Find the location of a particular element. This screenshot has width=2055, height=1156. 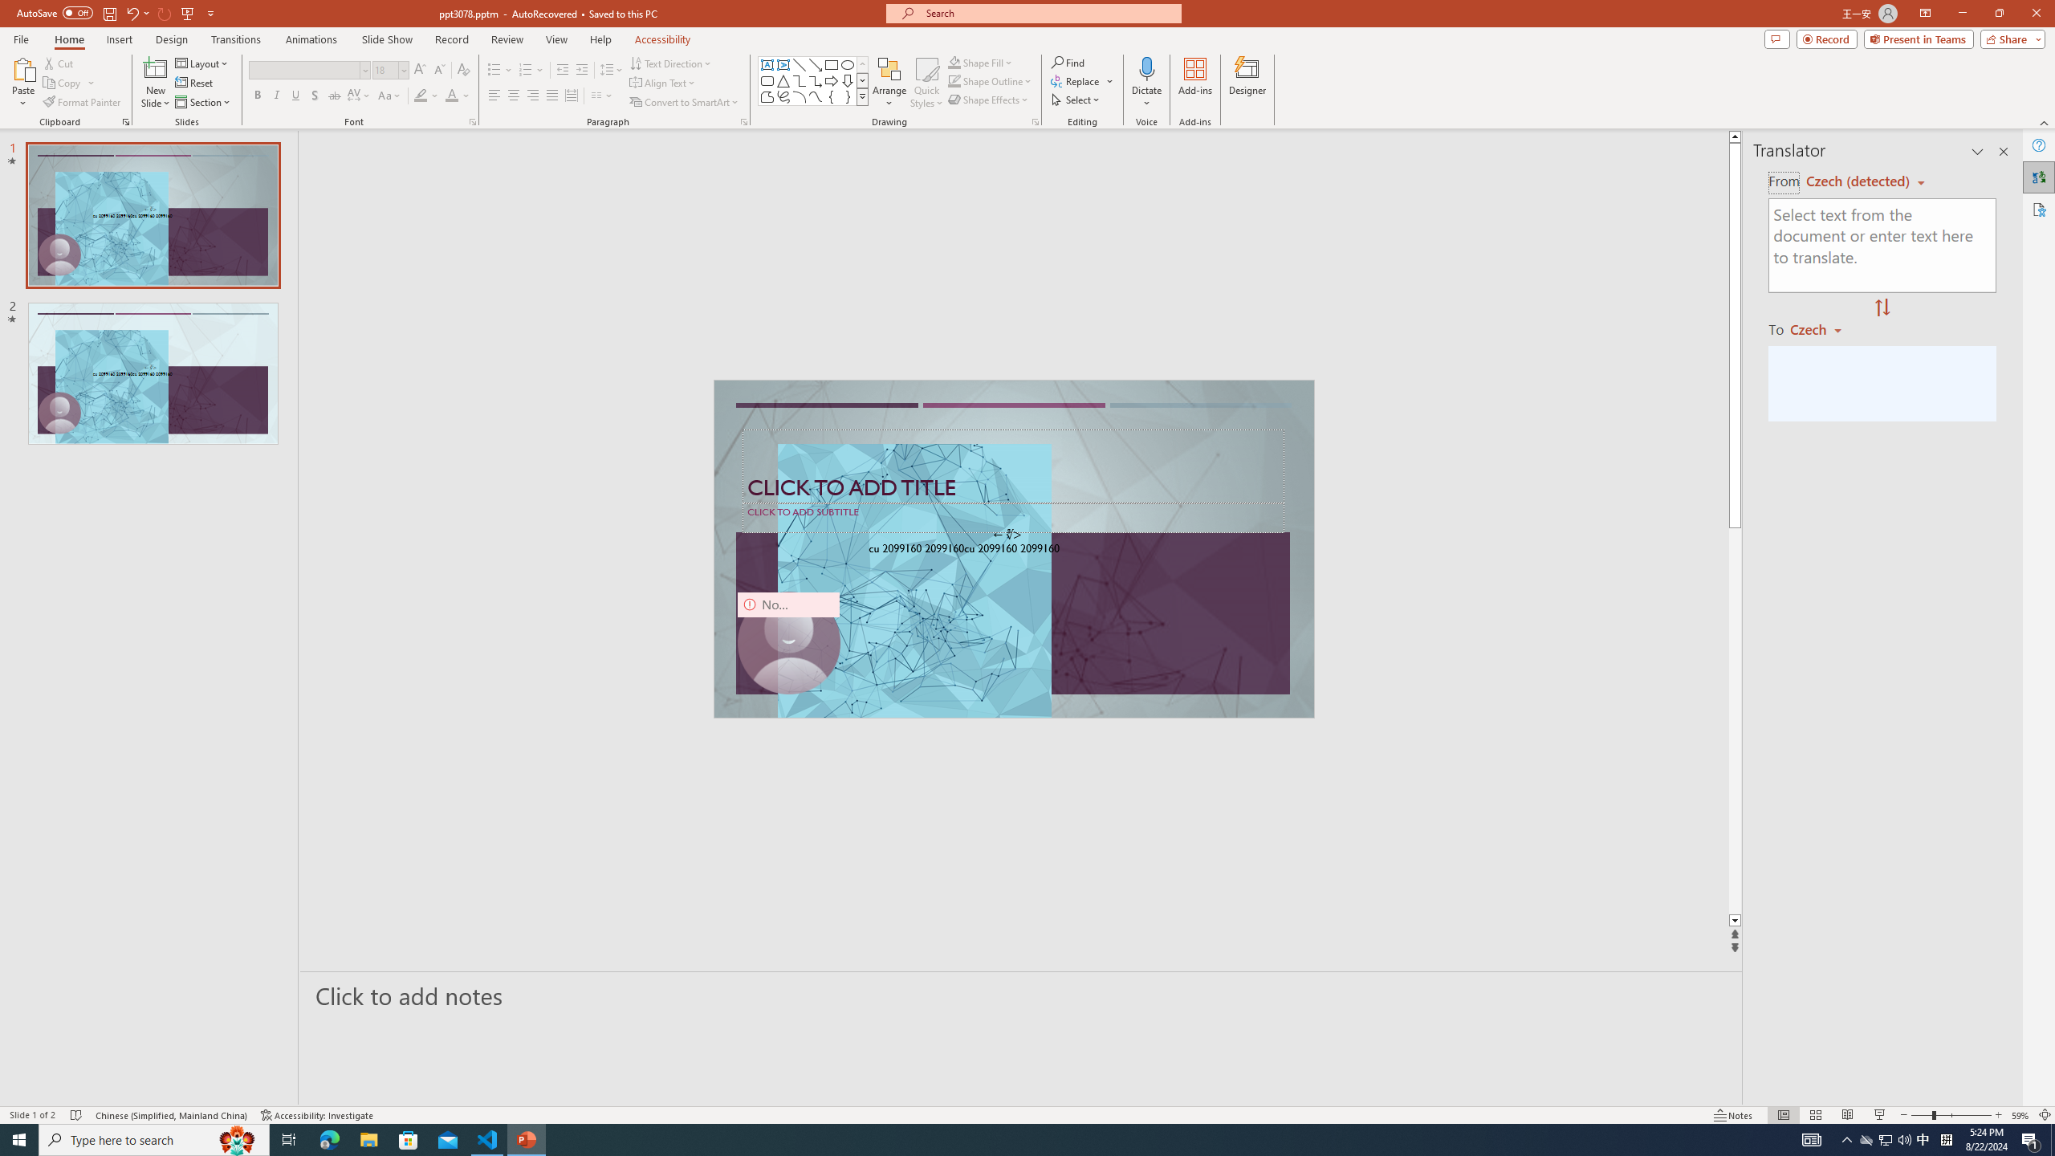

'Underline' is located at coordinates (295, 95).